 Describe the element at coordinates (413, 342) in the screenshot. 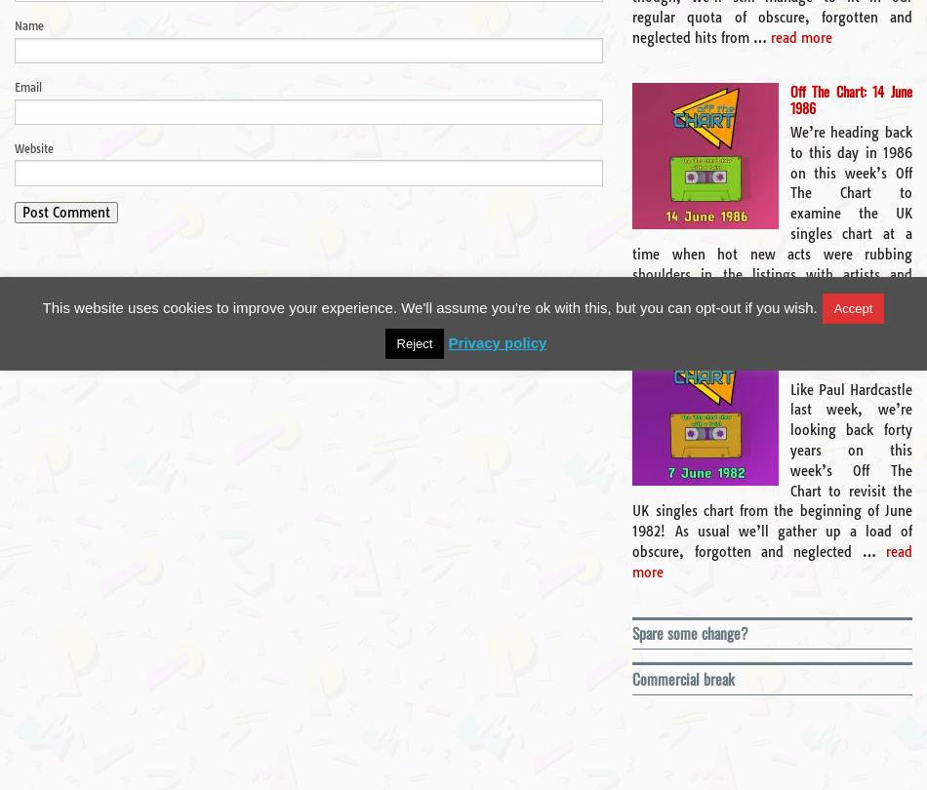

I see `'Reject'` at that location.